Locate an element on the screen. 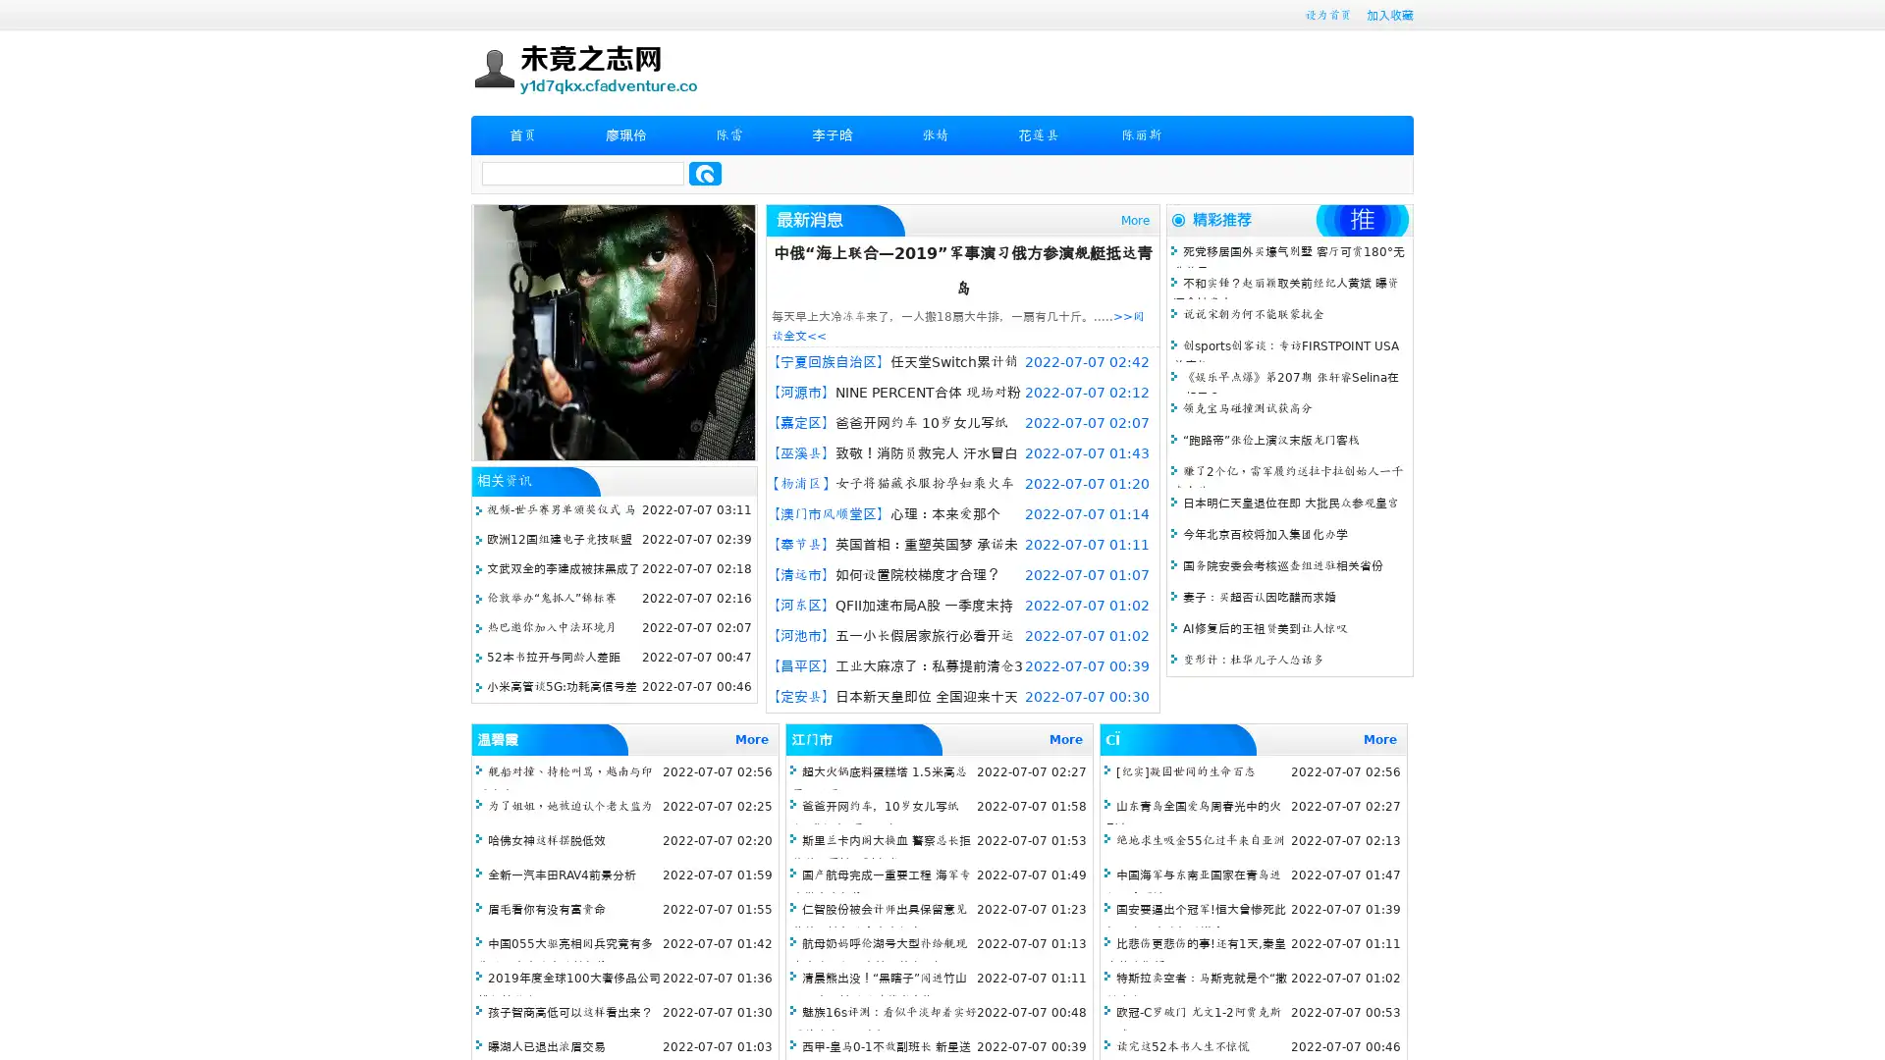  Search is located at coordinates (705, 173).